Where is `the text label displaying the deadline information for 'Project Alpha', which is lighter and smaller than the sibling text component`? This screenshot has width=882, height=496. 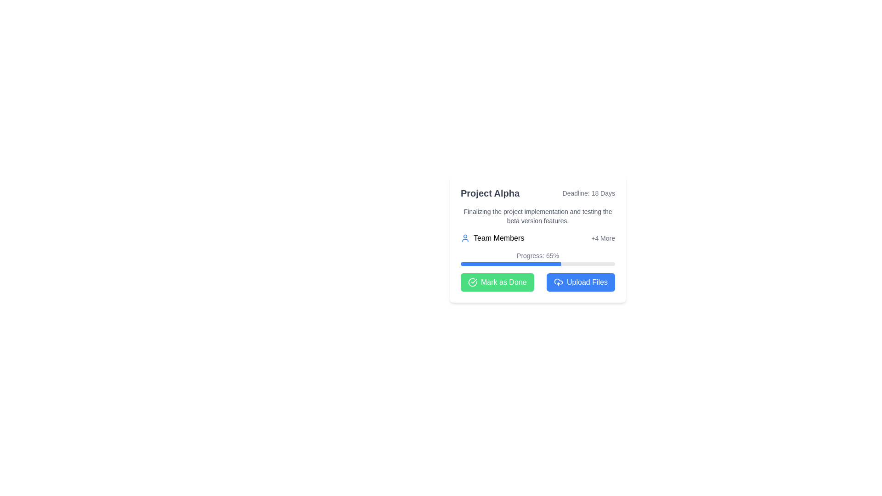 the text label displaying the deadline information for 'Project Alpha', which is lighter and smaller than the sibling text component is located at coordinates (588, 192).